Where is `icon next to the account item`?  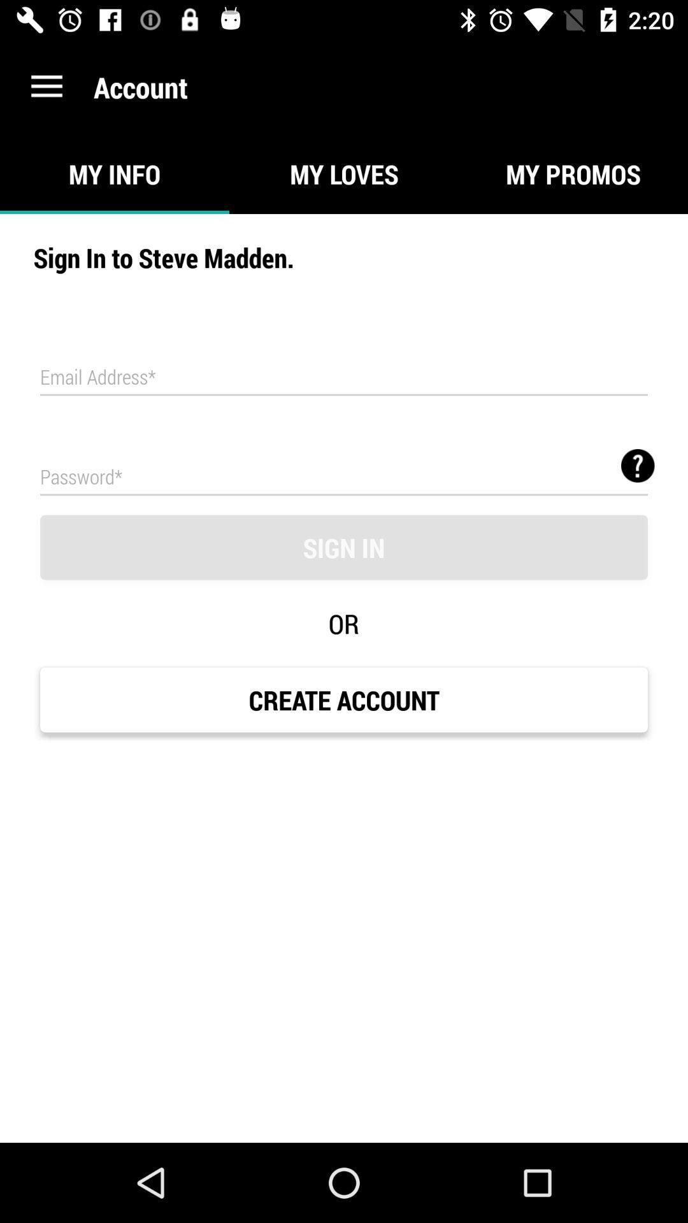 icon next to the account item is located at coordinates (46, 86).